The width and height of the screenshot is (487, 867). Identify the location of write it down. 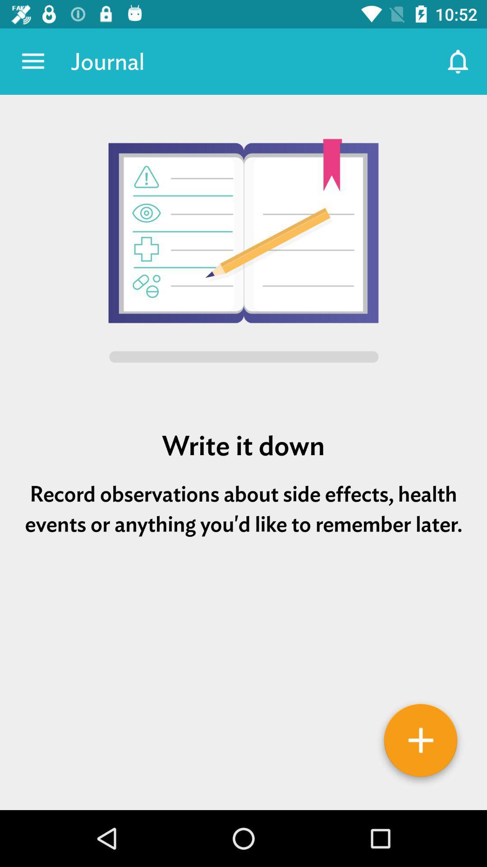
(243, 446).